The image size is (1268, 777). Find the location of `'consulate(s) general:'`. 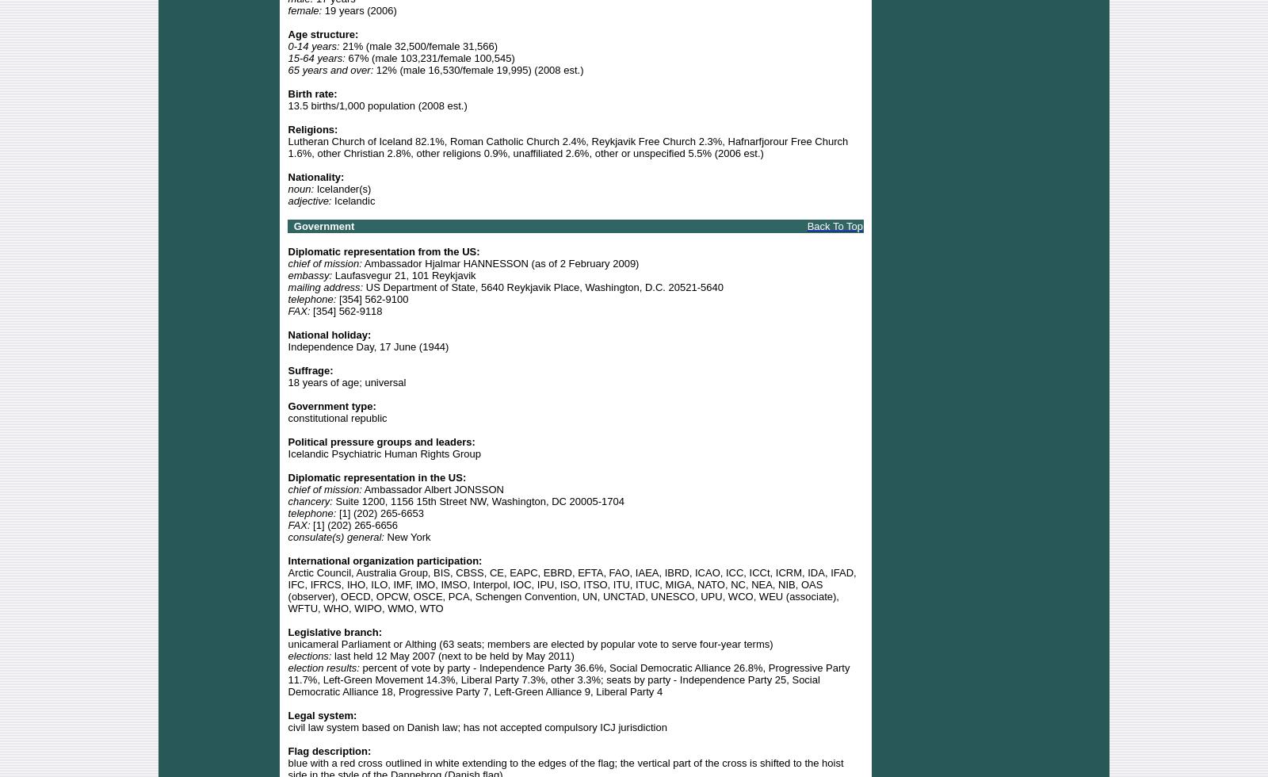

'consulate(s) general:' is located at coordinates (288, 536).